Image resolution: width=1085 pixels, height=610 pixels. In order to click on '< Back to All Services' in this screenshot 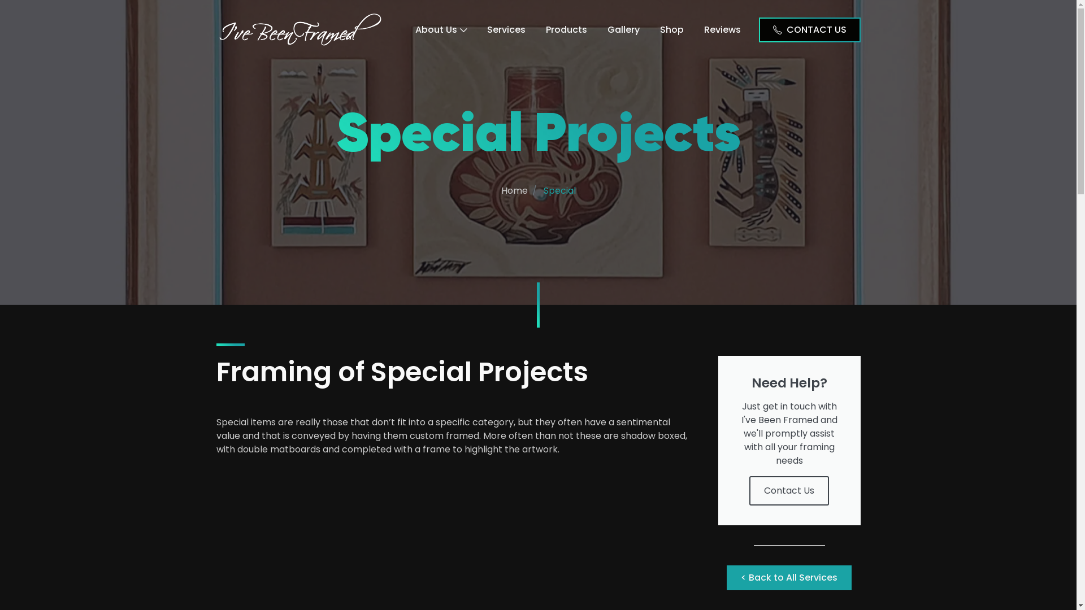, I will do `click(727, 577)`.